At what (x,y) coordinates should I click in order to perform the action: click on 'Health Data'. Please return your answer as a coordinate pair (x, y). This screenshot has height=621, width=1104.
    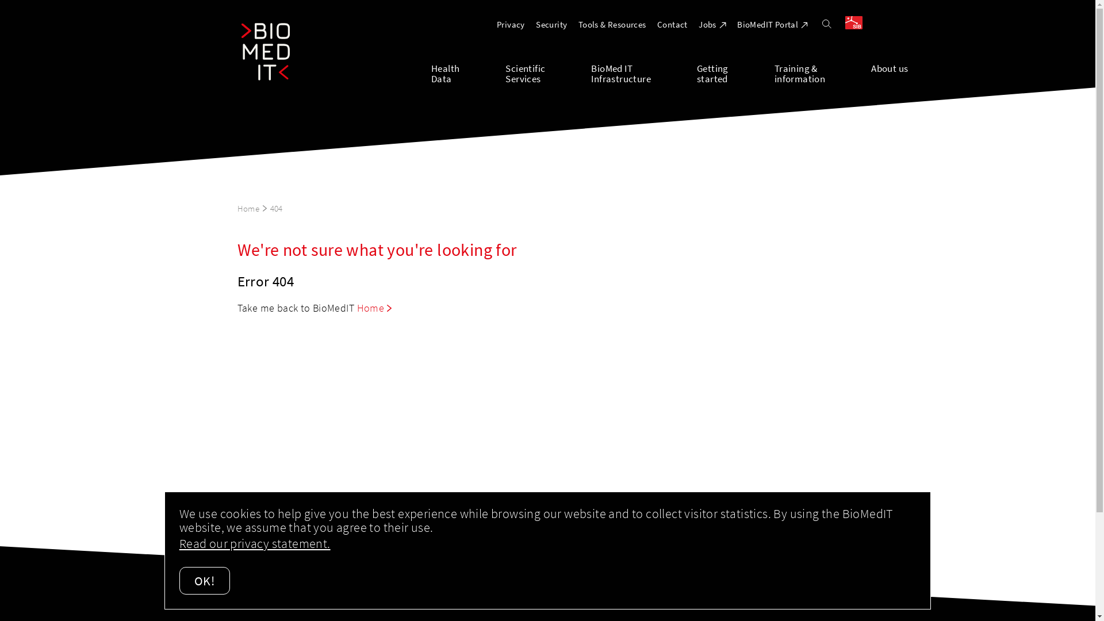
    Looking at the image, I should click on (430, 72).